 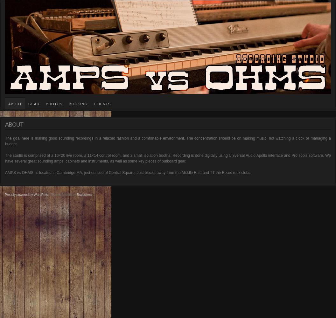 I want to click on '.', so click(x=93, y=194).